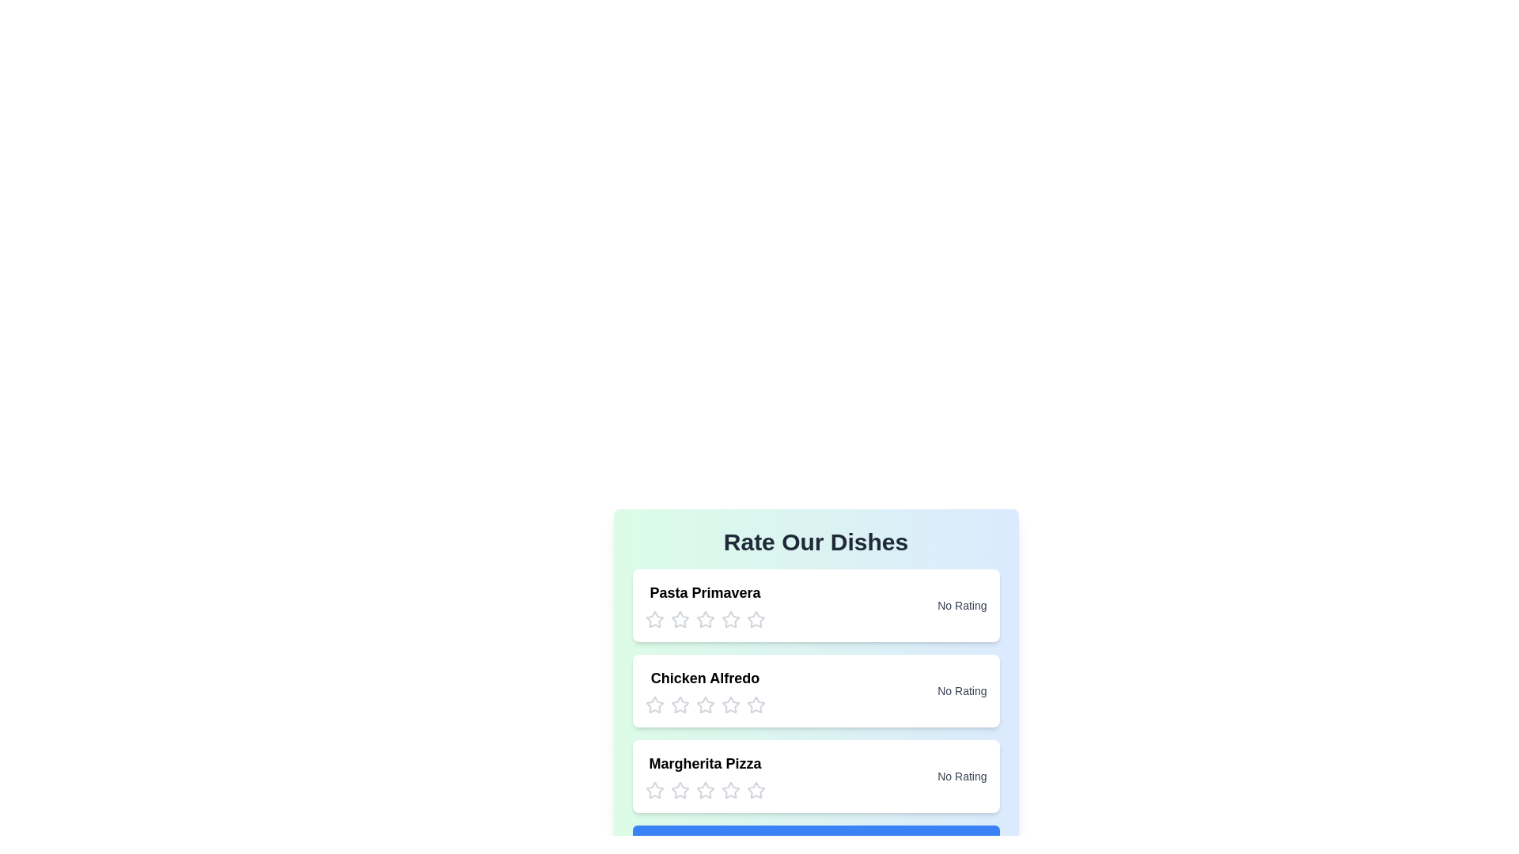 The image size is (1519, 854). I want to click on the 'Submit Ratings' button to submit the ratings, so click(816, 845).